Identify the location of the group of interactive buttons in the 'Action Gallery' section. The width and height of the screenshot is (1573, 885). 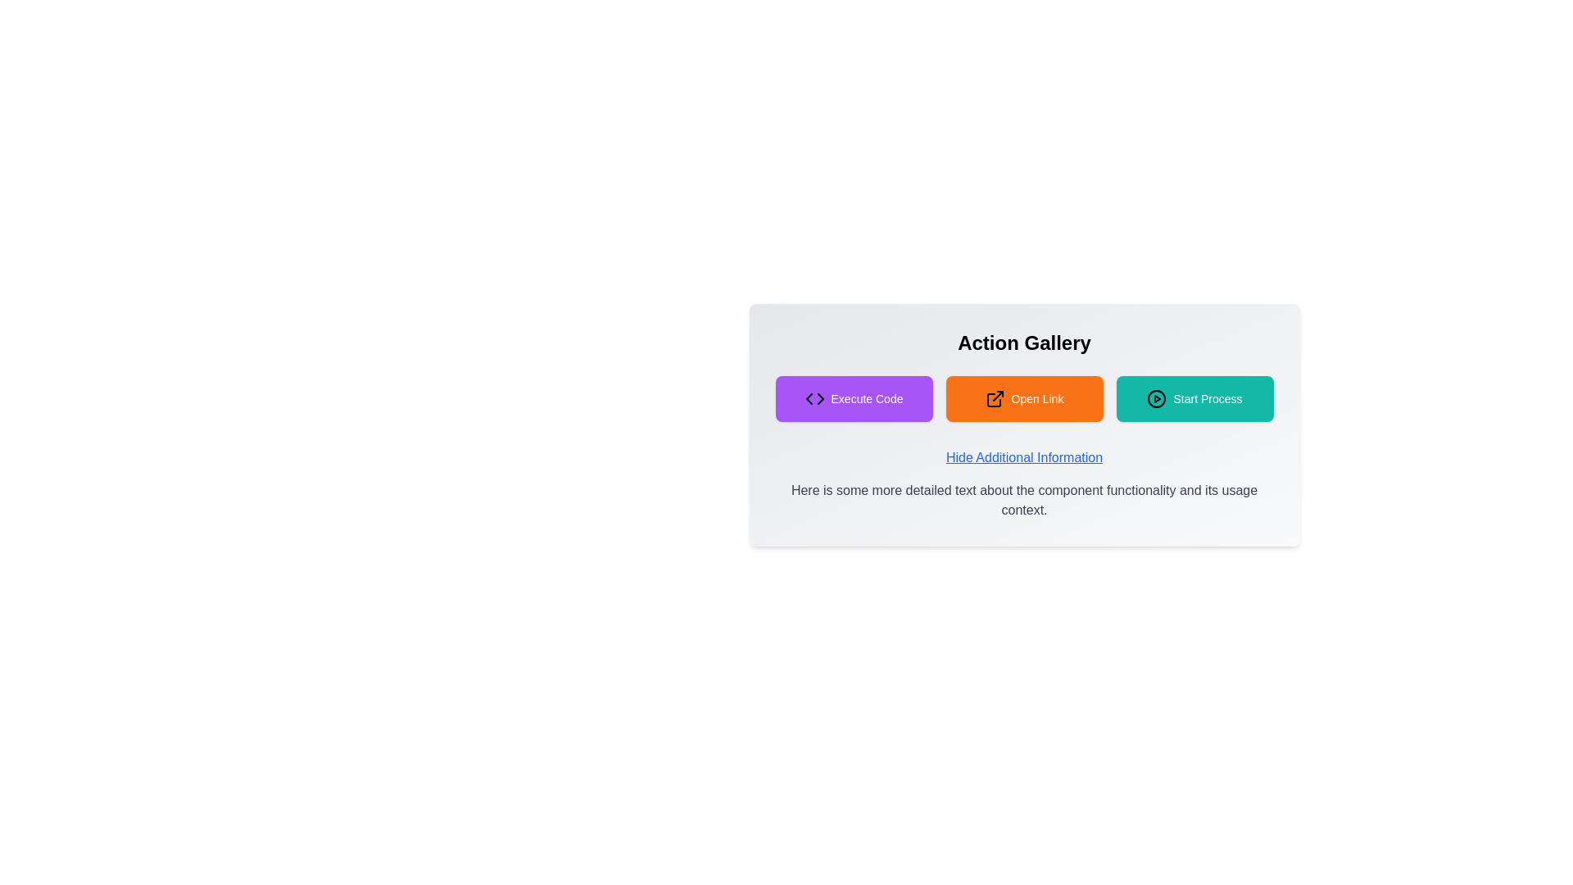
(1023, 398).